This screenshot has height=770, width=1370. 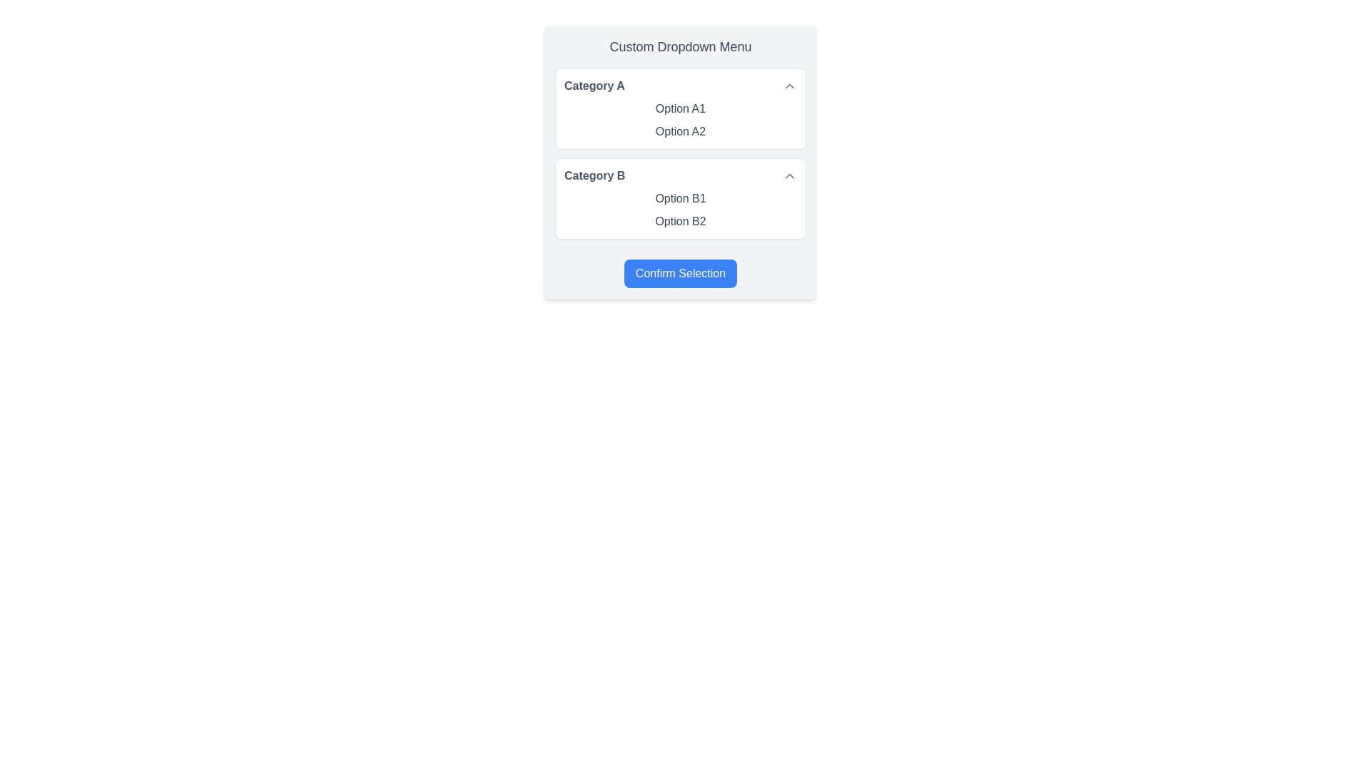 I want to click on the upward-pointing chevron arrow icon located to the right of the 'Category B' label in the dropdown menu, so click(x=789, y=175).